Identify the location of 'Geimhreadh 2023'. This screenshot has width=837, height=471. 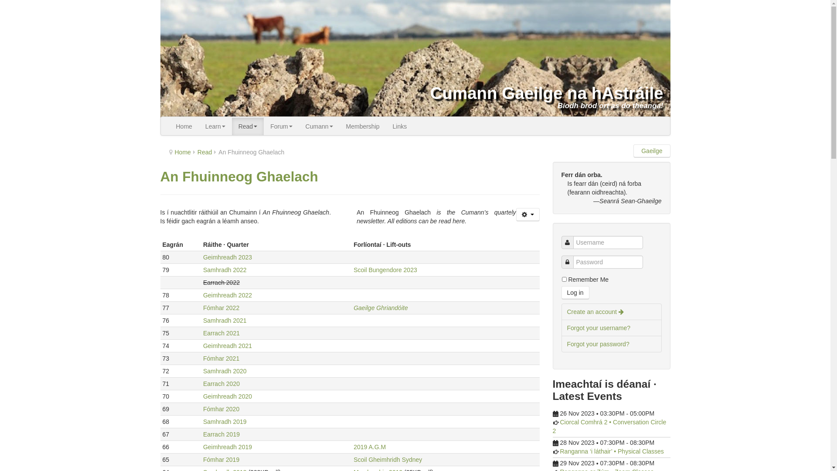
(228, 257).